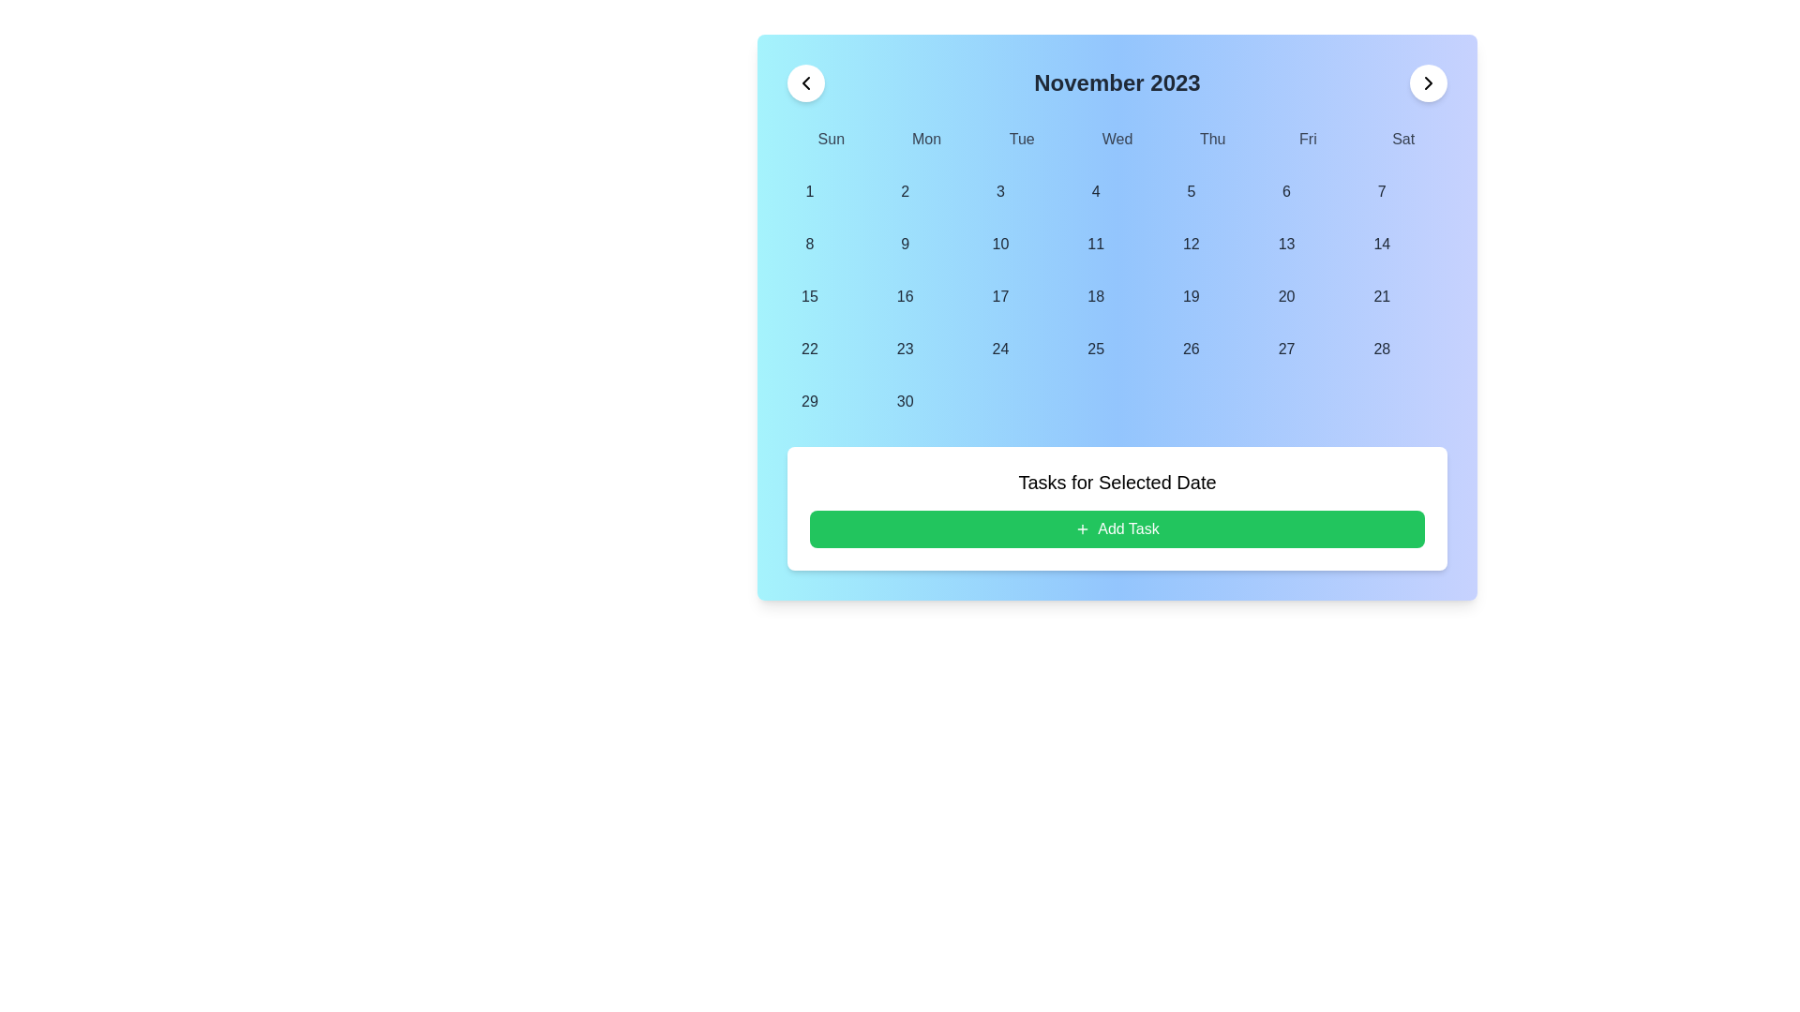 This screenshot has width=1800, height=1012. I want to click on the date selector button for the date '19' in the calendar grid, so click(1190, 295).